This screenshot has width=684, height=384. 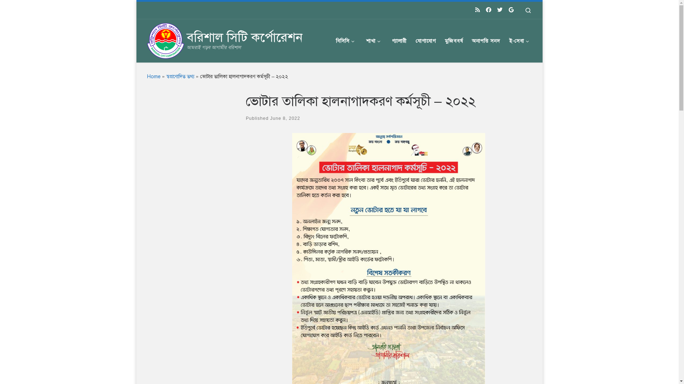 I want to click on 'Home', so click(x=153, y=76).